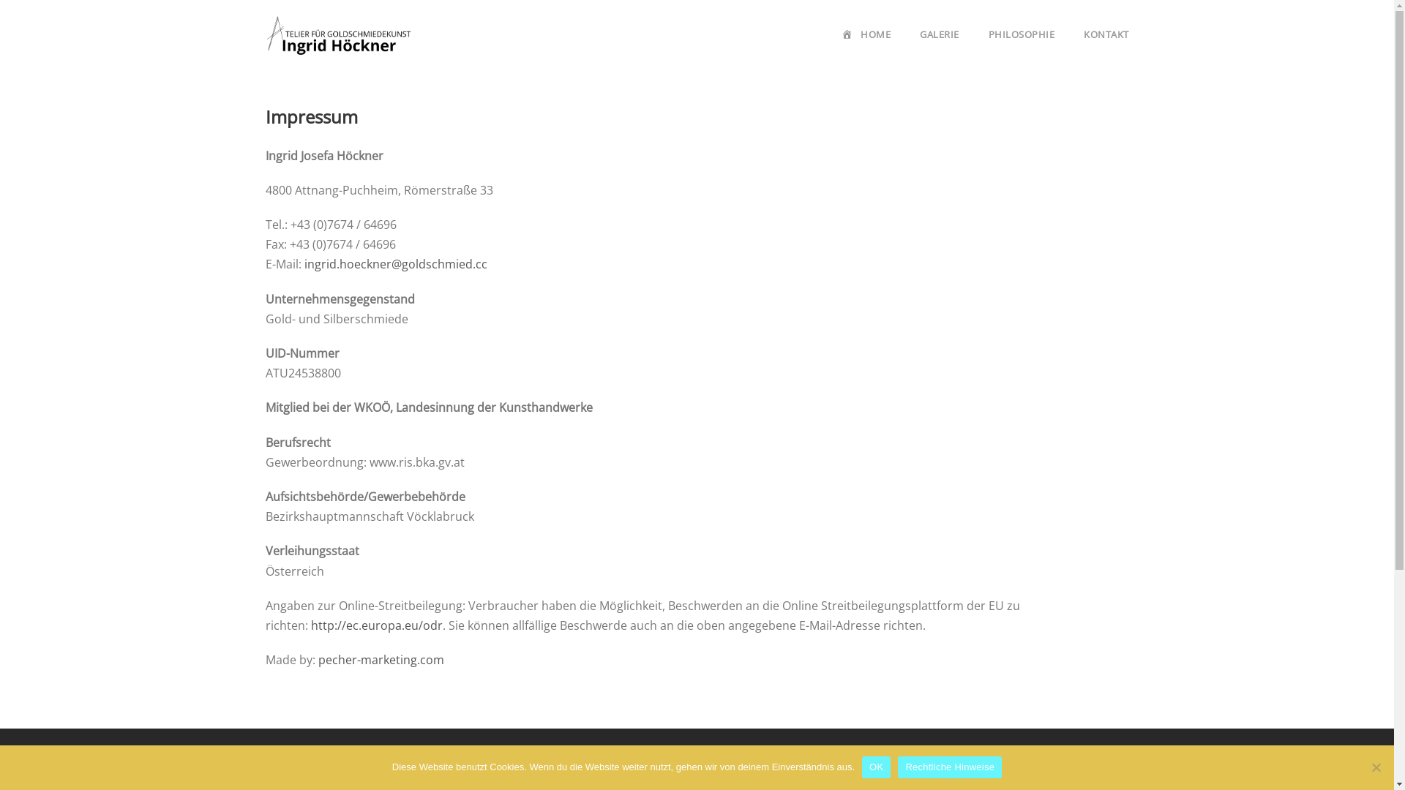 The width and height of the screenshot is (1405, 790). What do you see at coordinates (1106, 46) in the screenshot?
I see `'KONTAKT'` at bounding box center [1106, 46].